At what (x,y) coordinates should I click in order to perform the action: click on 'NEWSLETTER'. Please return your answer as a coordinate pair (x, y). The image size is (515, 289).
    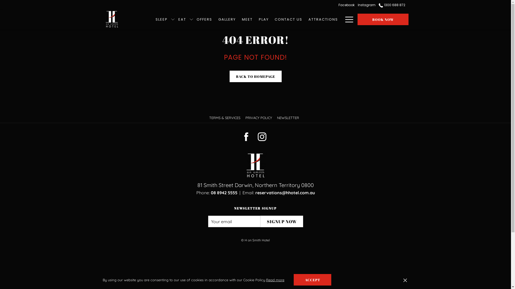
    Looking at the image, I should click on (288, 117).